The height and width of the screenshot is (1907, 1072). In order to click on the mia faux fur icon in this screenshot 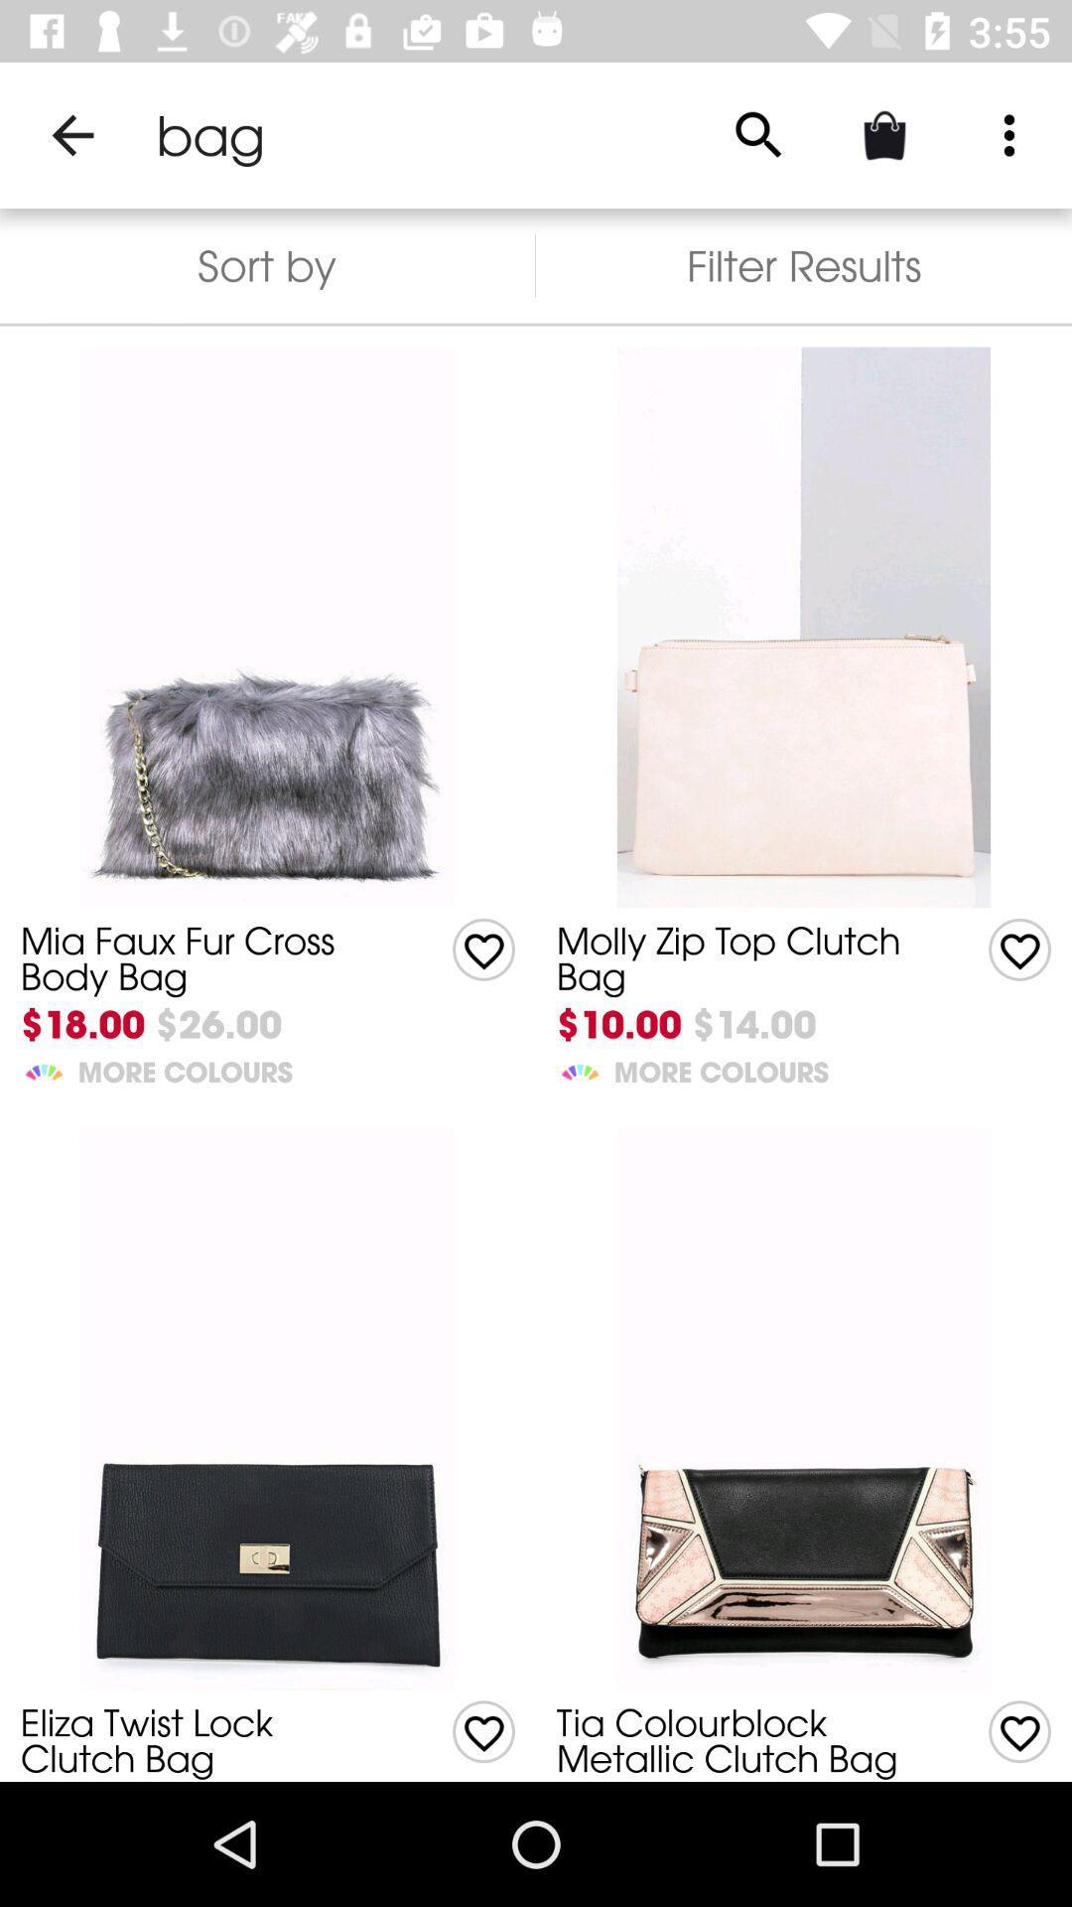, I will do `click(205, 958)`.